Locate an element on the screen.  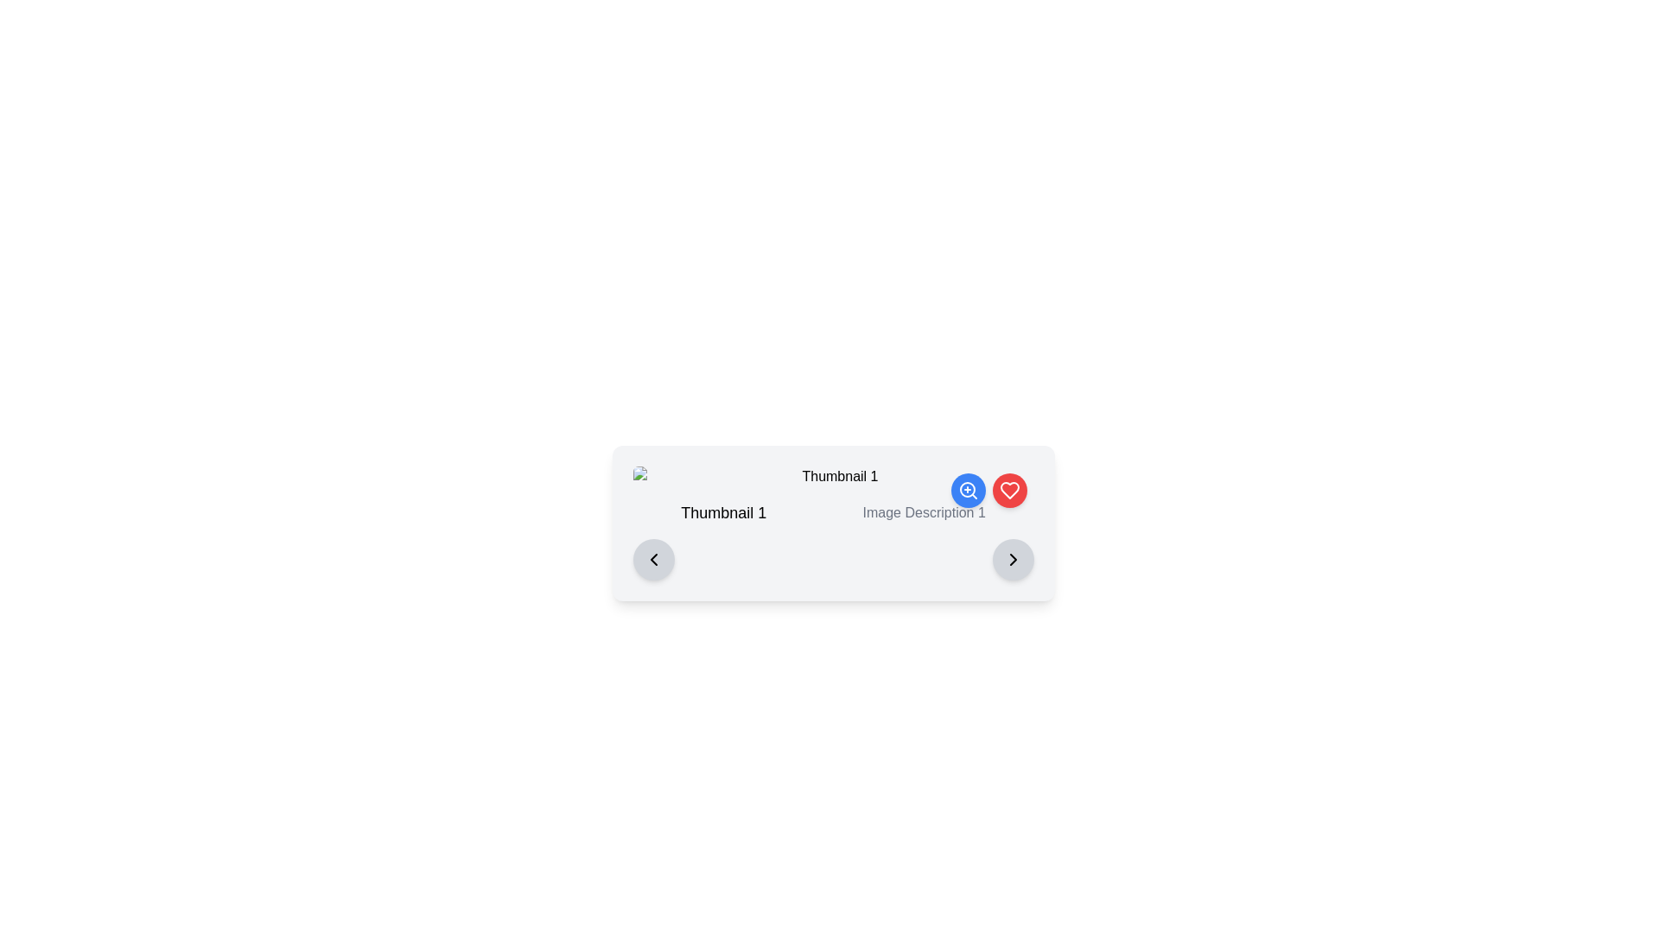
the zoom-in button located near the top-right corner of the card, to the left of the heart-shaped 'like' button, to enlarge the associated content is located at coordinates (968, 490).